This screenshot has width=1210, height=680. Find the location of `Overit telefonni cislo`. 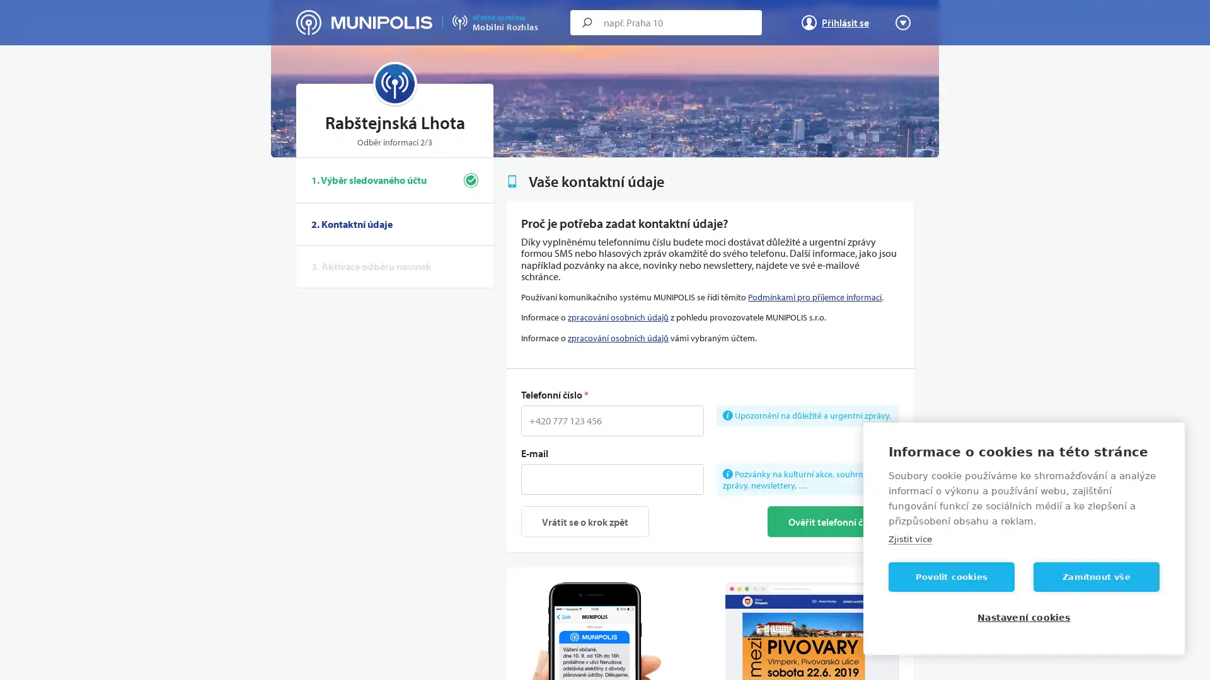

Overit telefonni cislo is located at coordinates (832, 521).